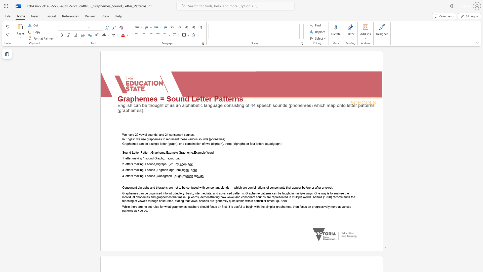 This screenshot has width=483, height=272. I want to click on the 1th character "k" in the text, so click(139, 164).